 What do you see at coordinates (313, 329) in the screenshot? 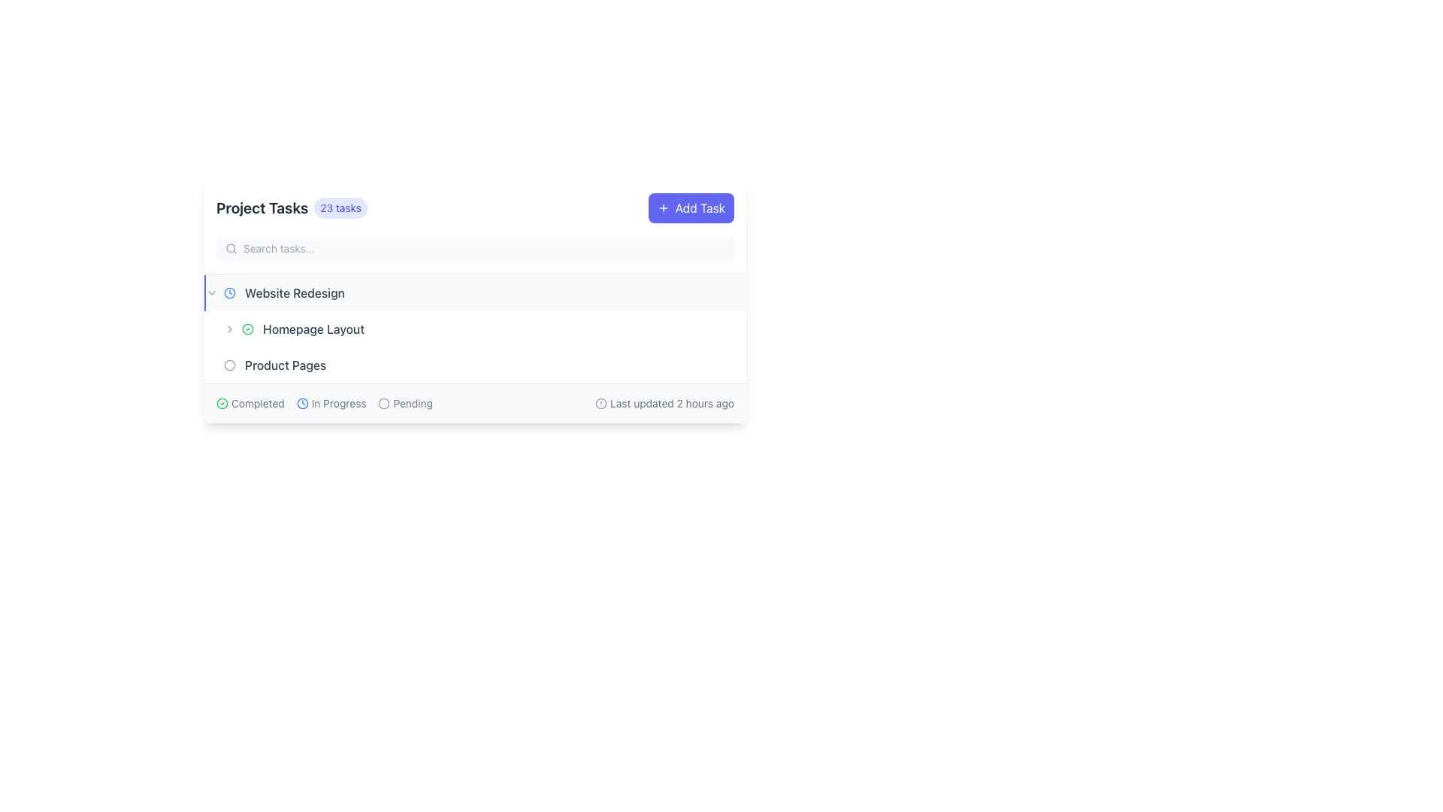
I see `the 'Homepage Layout' text label, which is displayed in medium font weight and gray color, located under the 'Project Tasks' section of the 'Website Redesign' category` at bounding box center [313, 329].